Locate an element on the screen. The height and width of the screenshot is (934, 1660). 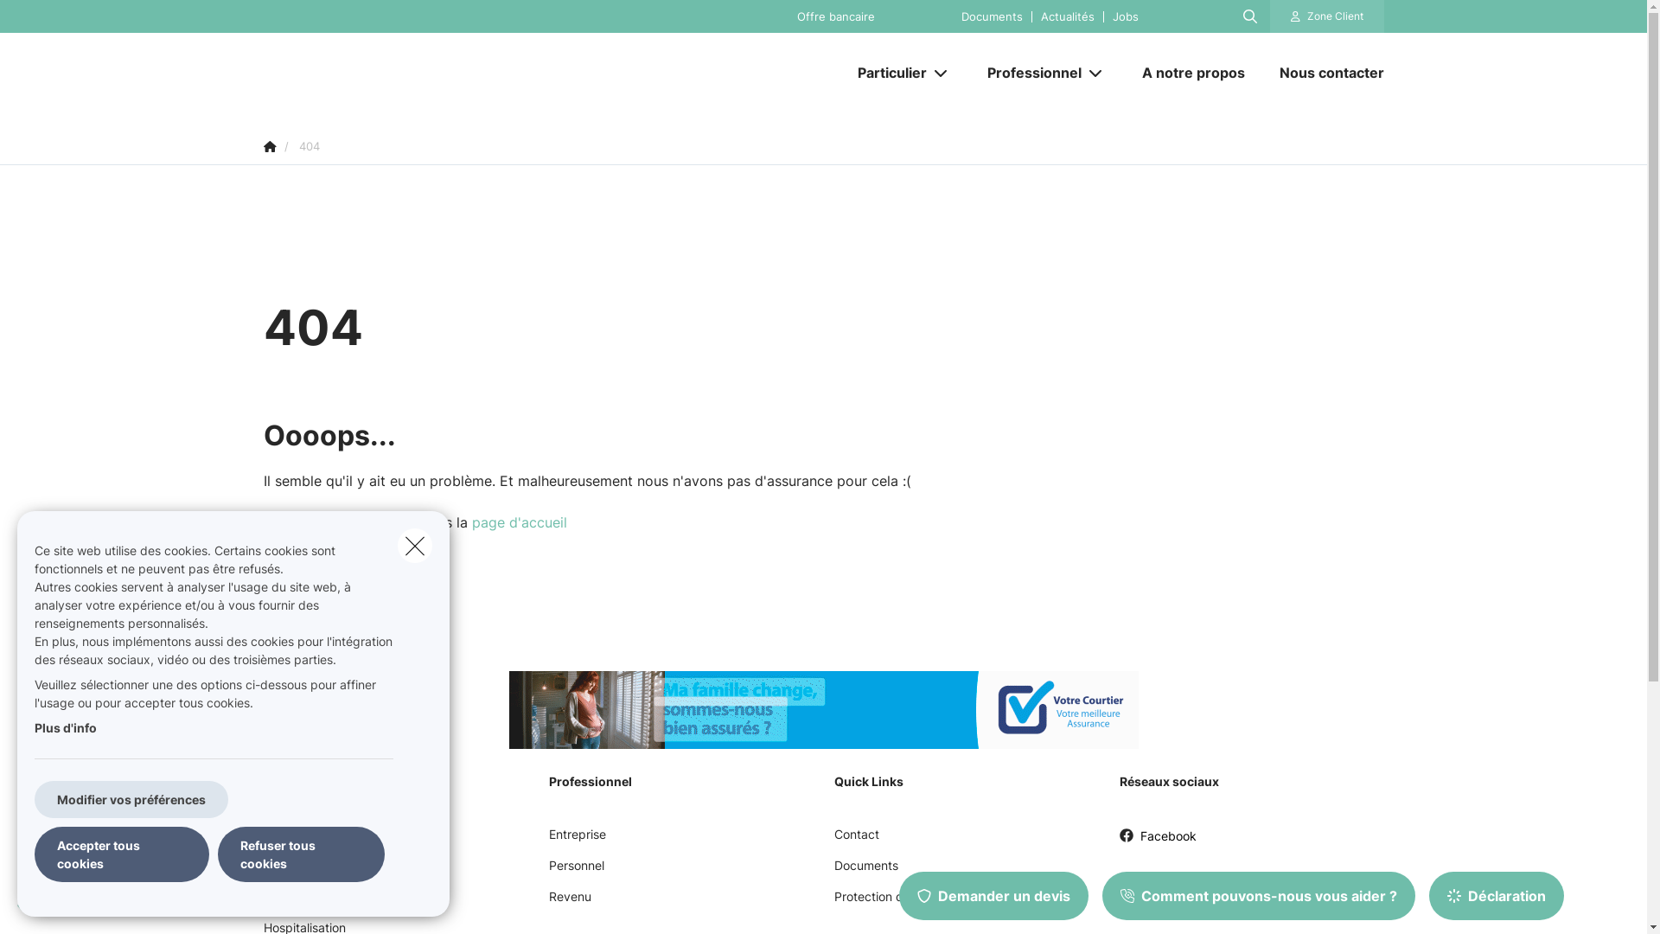
'Particulier' is located at coordinates (885, 72).